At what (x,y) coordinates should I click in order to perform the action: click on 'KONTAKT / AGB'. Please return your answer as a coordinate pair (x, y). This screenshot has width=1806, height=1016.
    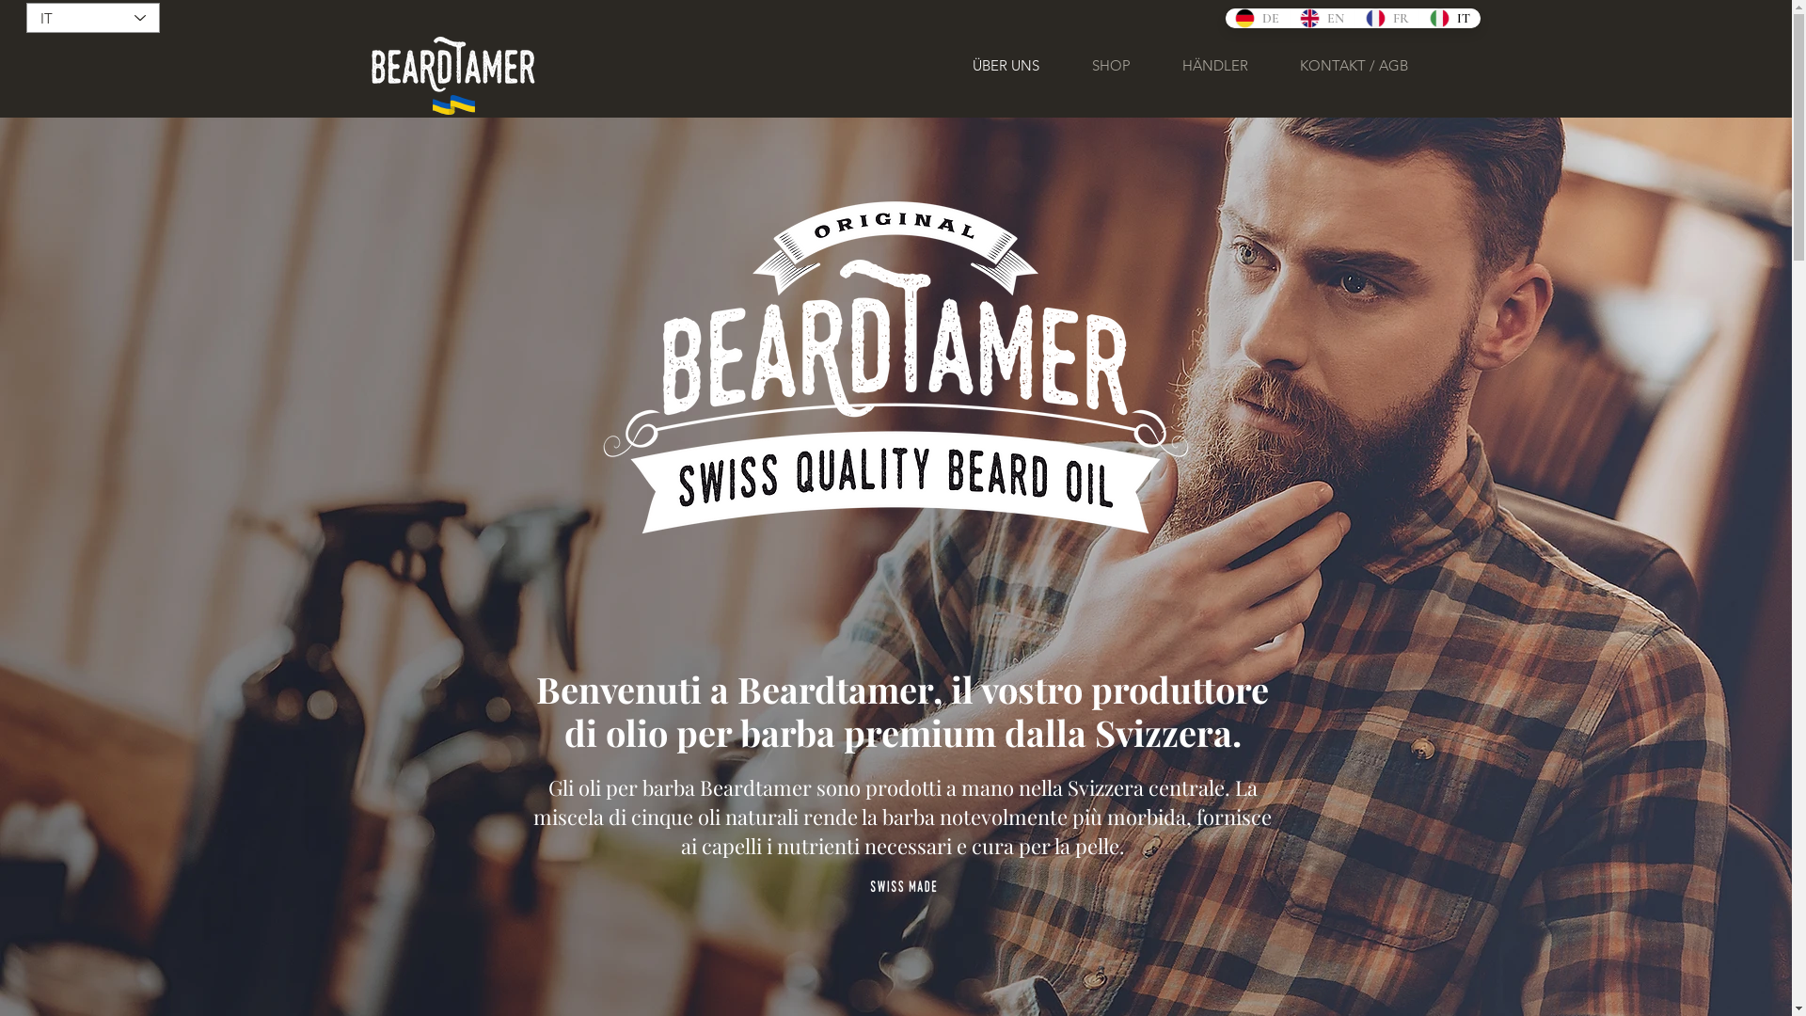
    Looking at the image, I should click on (1353, 64).